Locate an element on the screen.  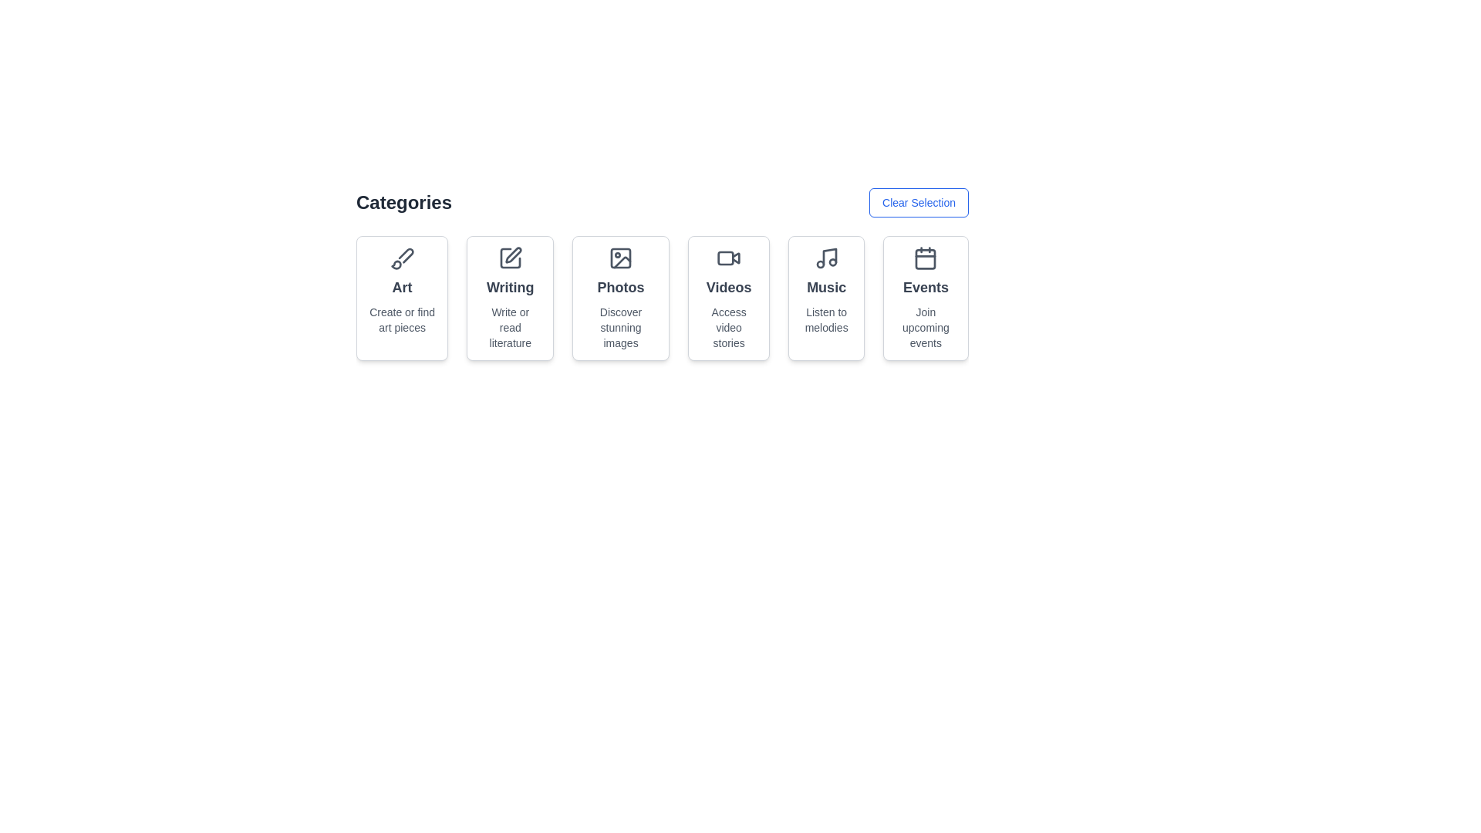
the photo icon located in the third category option labeled 'Photos', which is part of an icon group and positioned centrally within its containing card is located at coordinates (622, 261).